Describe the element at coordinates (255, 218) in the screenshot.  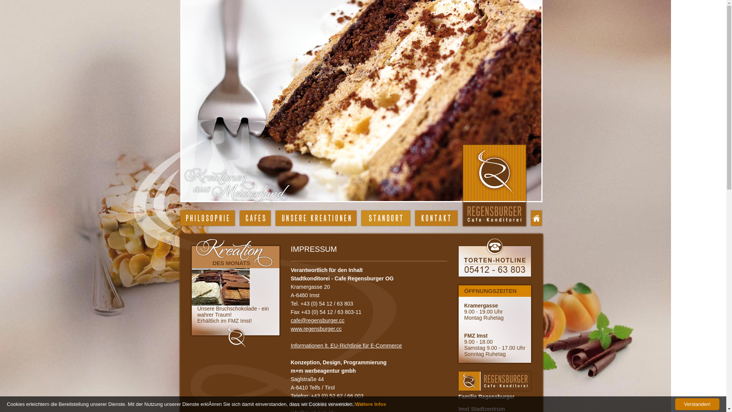
I see `'CAFES'` at that location.